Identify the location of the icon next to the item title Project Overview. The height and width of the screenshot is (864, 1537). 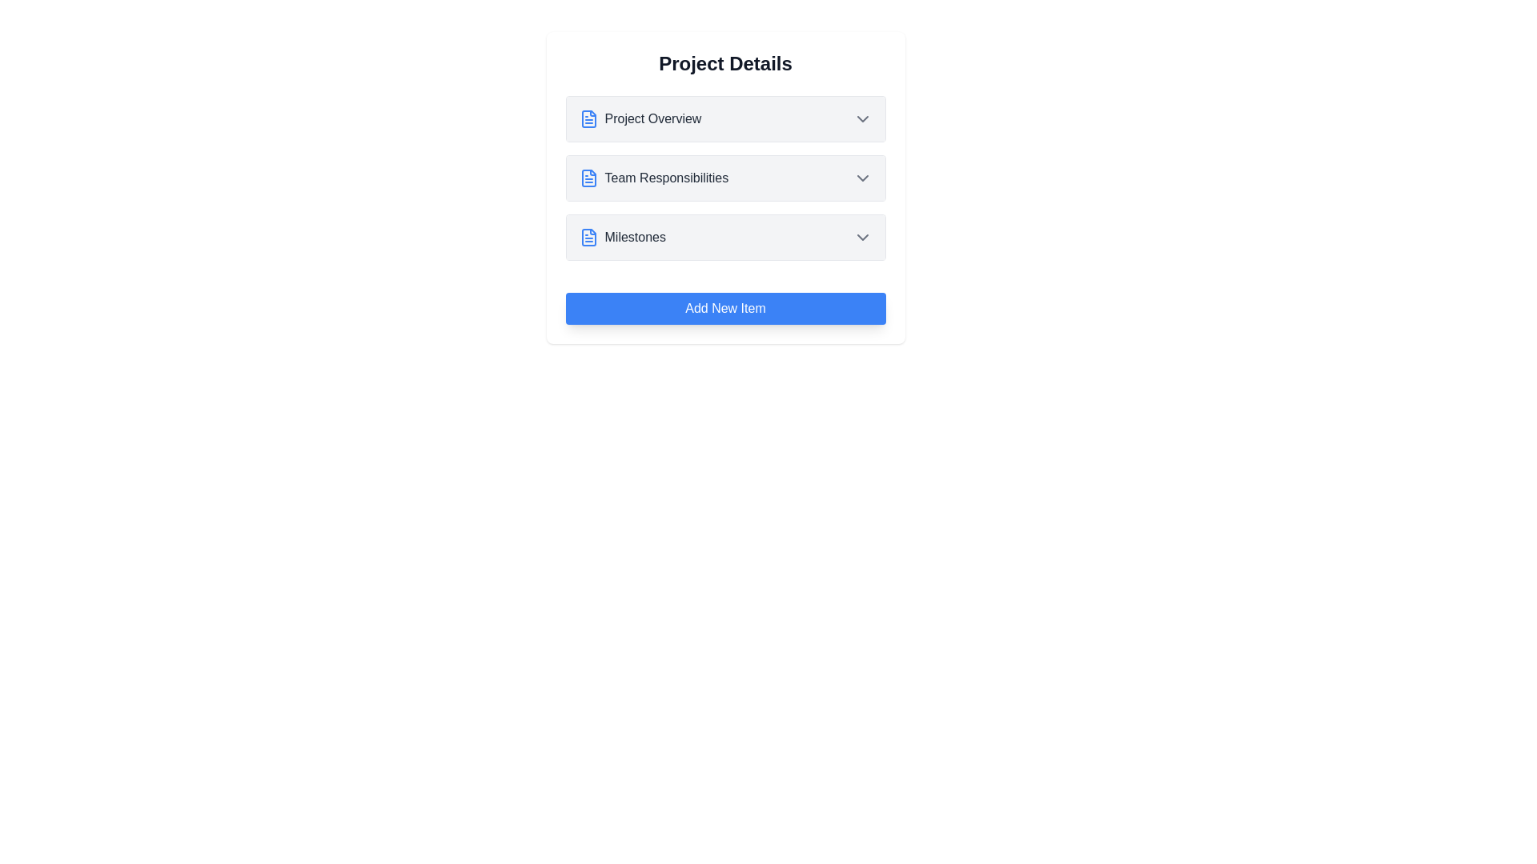
(588, 118).